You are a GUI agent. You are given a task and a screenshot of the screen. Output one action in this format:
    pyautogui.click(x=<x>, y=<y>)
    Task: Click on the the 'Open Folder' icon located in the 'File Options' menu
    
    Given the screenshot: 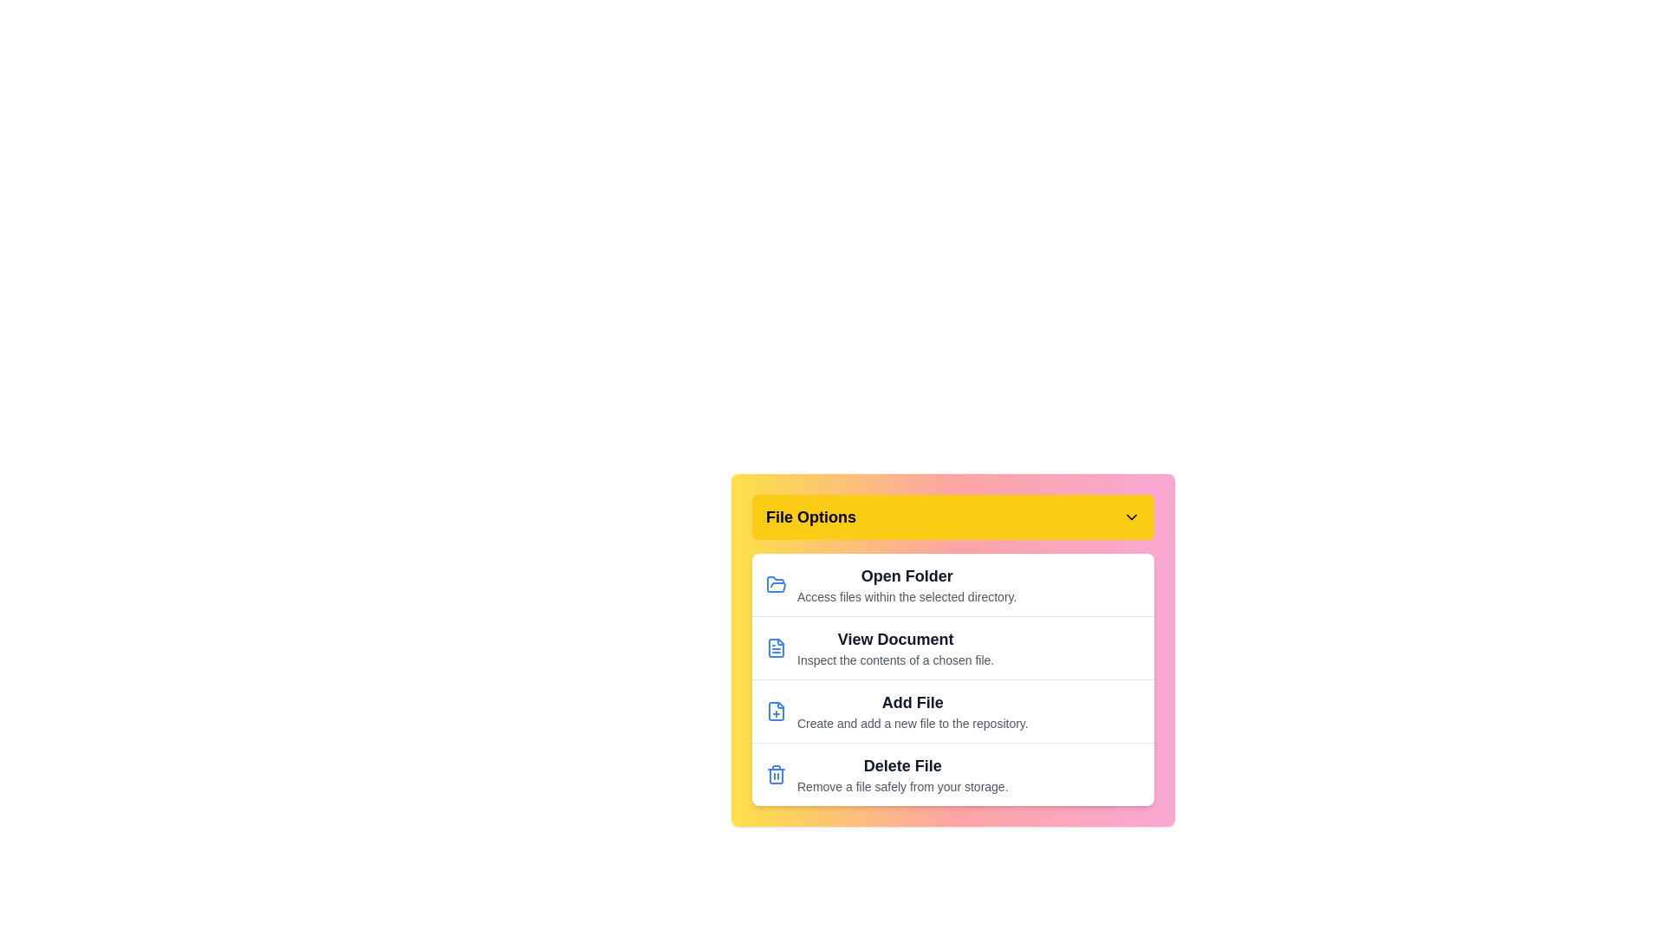 What is the action you would take?
    pyautogui.click(x=776, y=584)
    